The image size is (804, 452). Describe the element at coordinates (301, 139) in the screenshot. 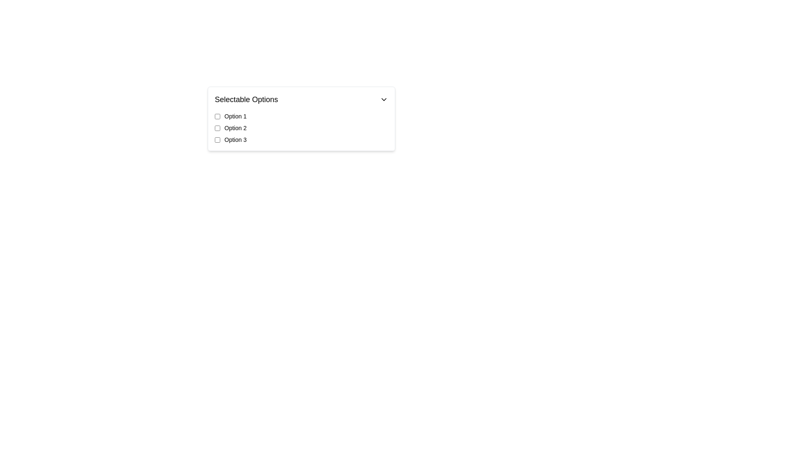

I see `the checkbox labeled 'Option 3'` at that location.